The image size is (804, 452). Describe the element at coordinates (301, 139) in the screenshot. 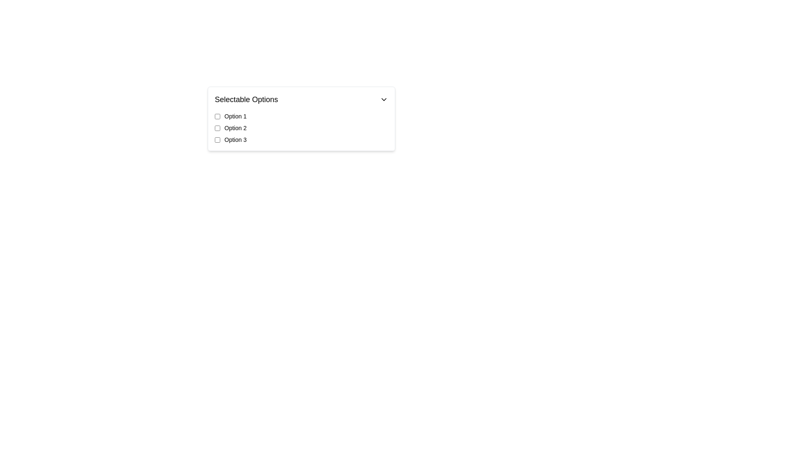

I see `the checkbox labeled 'Option 3'` at that location.